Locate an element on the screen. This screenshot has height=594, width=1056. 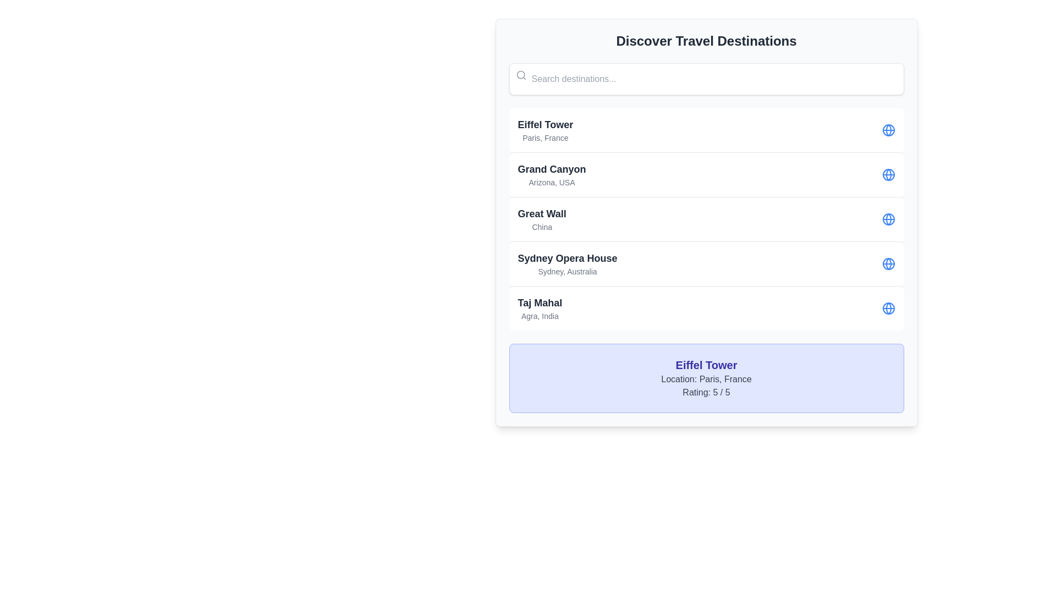
the text element displaying 'Agra, India', which is located below the 'Taj Mahal' title in the 'Discover Travel Destinations' list is located at coordinates (540, 316).